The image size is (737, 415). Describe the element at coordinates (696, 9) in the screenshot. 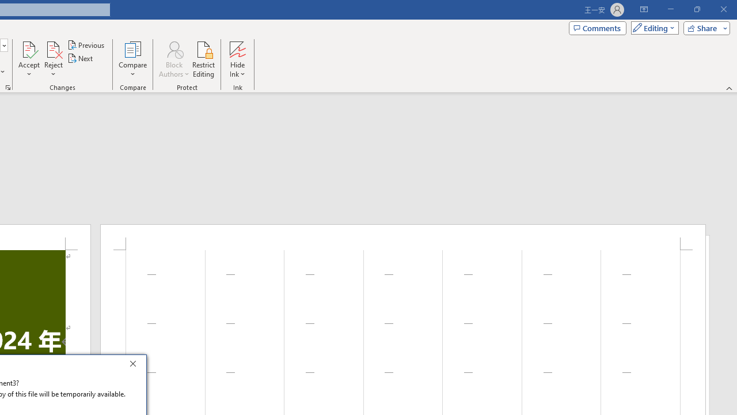

I see `'Restore Down'` at that location.